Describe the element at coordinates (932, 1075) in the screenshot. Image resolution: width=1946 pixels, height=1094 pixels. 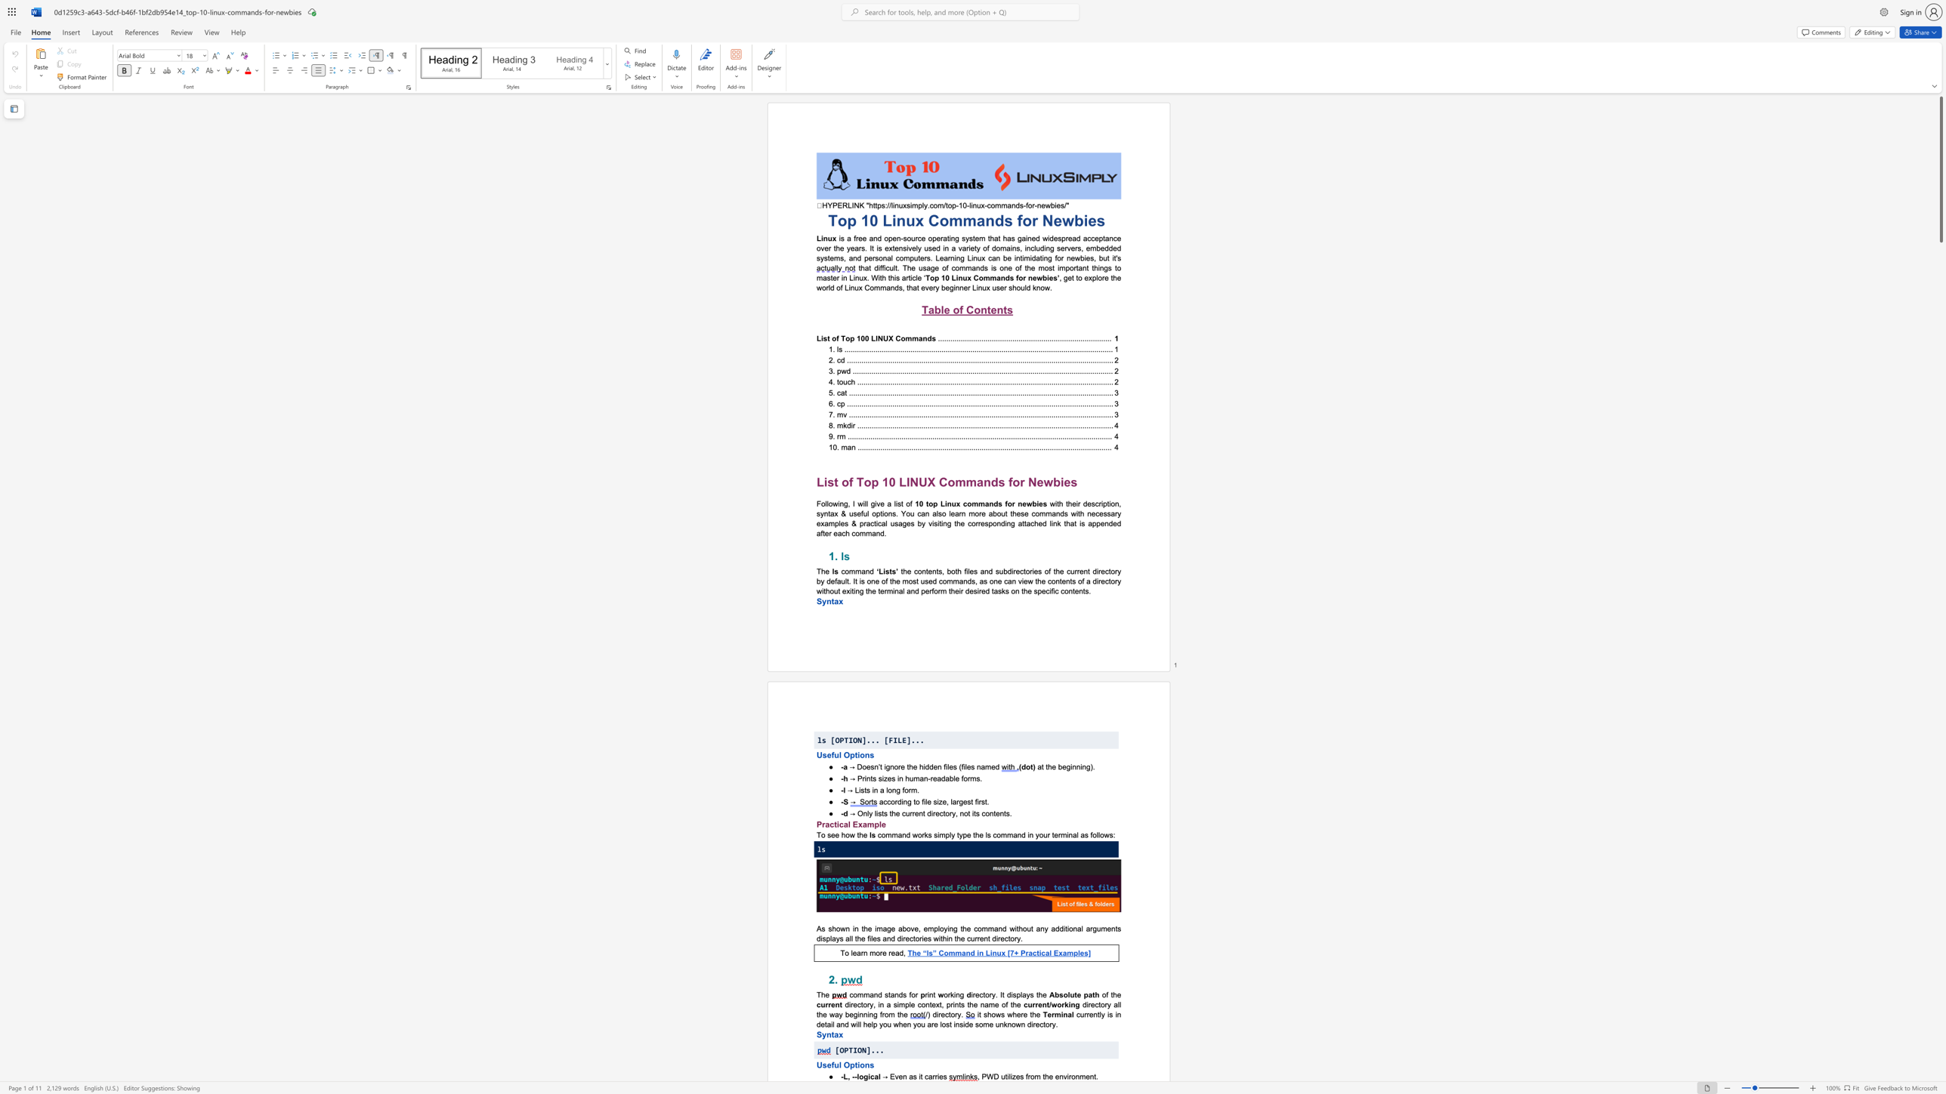
I see `the 1th character "r" in the text` at that location.